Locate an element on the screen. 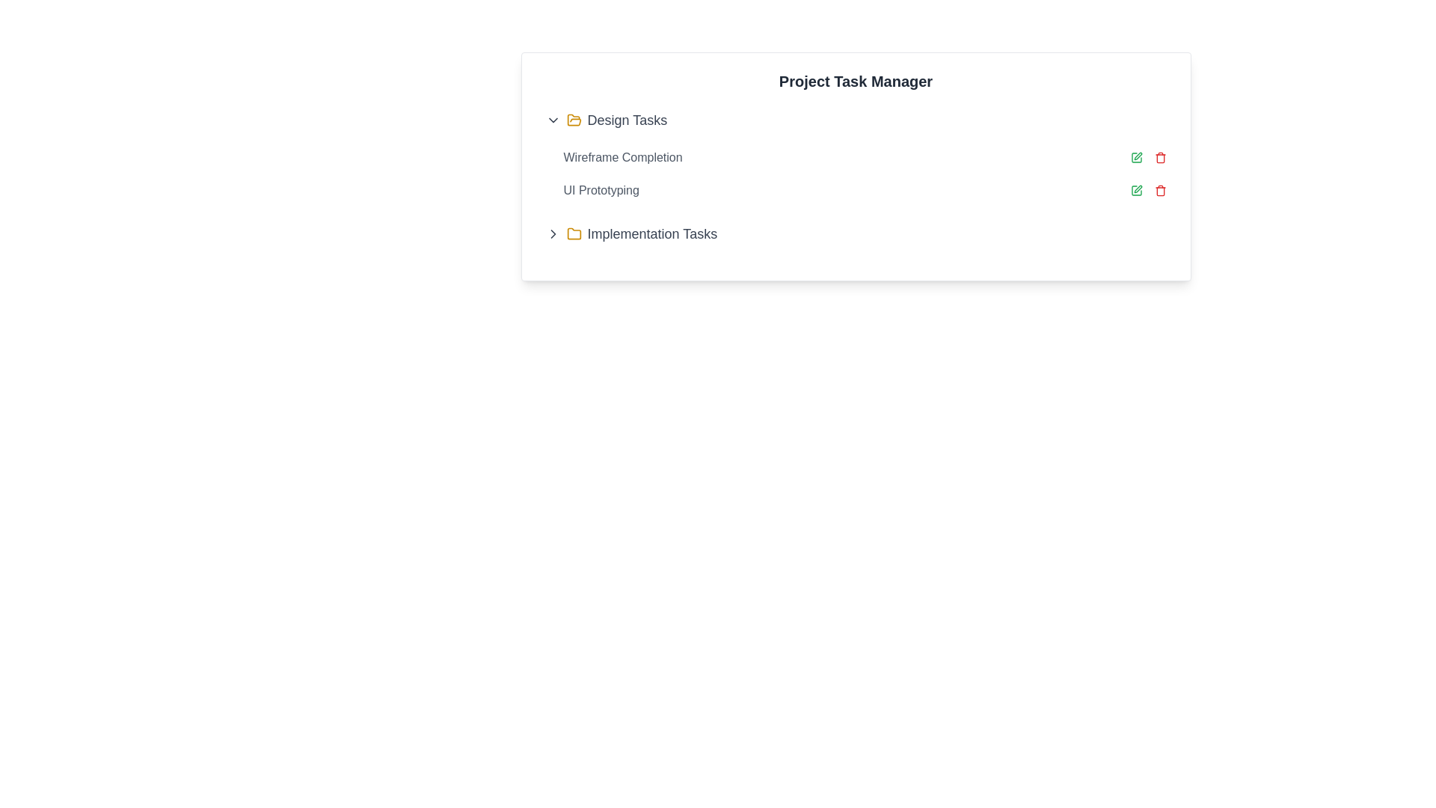 This screenshot has height=808, width=1436. the edit icon located at the bottom right corner of the task row is located at coordinates (1137, 189).